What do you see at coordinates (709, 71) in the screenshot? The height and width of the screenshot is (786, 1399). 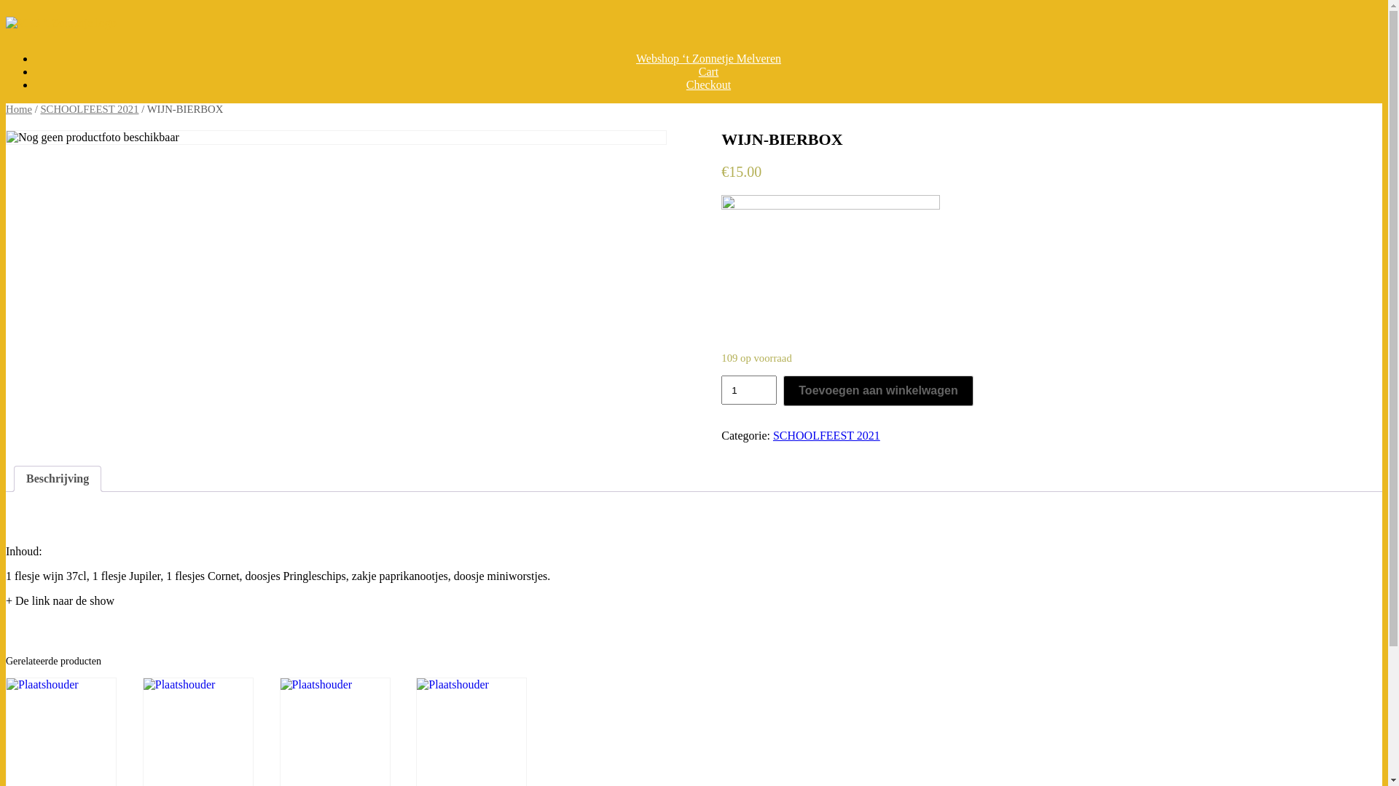 I see `'Cart'` at bounding box center [709, 71].